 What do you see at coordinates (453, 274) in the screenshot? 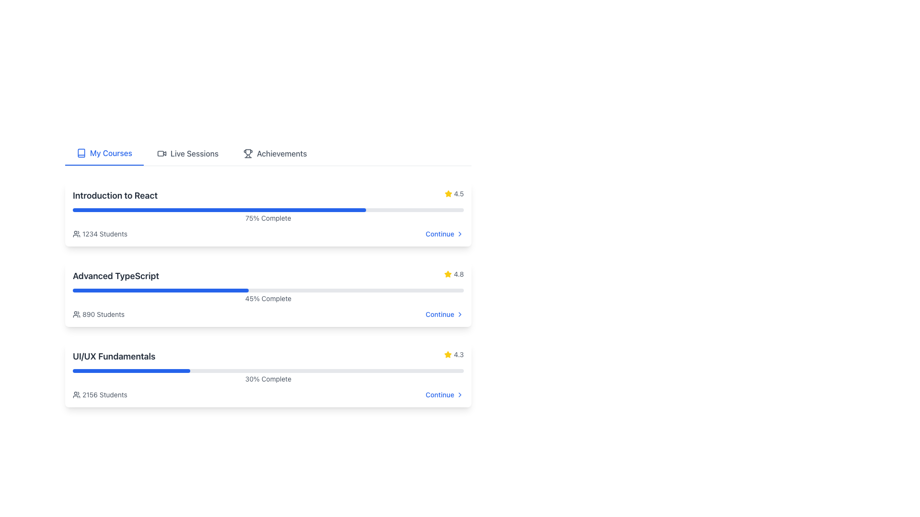
I see `rating value displayed in the Rating section for the 'Advanced TypeScript' course, which includes a star icon and is located in the lower right corner of the course card` at bounding box center [453, 274].